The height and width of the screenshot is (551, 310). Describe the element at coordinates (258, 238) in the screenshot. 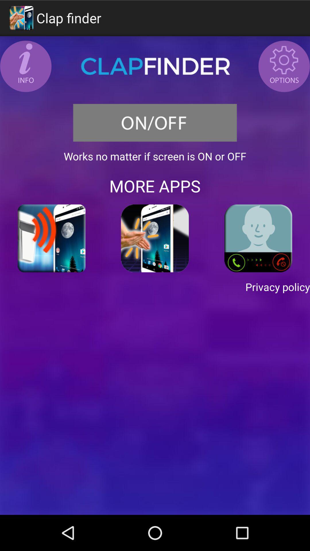

I see `use phone` at that location.